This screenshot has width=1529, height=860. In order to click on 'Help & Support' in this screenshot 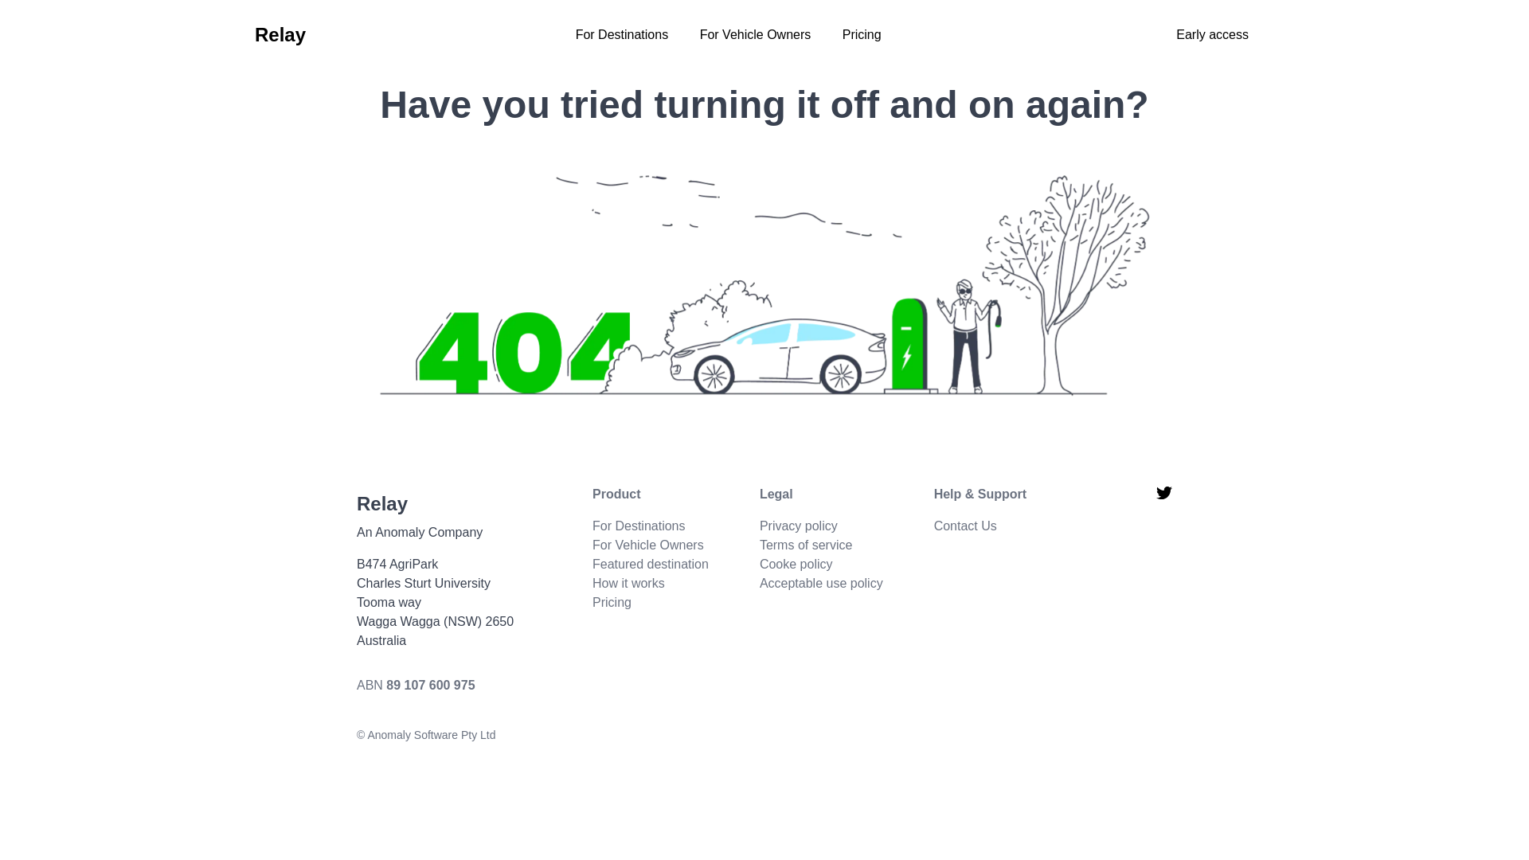, I will do `click(979, 494)`.